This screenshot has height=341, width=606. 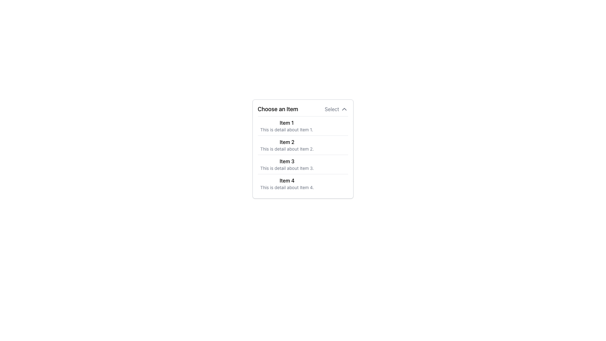 I want to click on the static text displaying 'This is detail about Item 1.', which appears as a secondary descriptor below 'Item 1', so click(x=286, y=129).